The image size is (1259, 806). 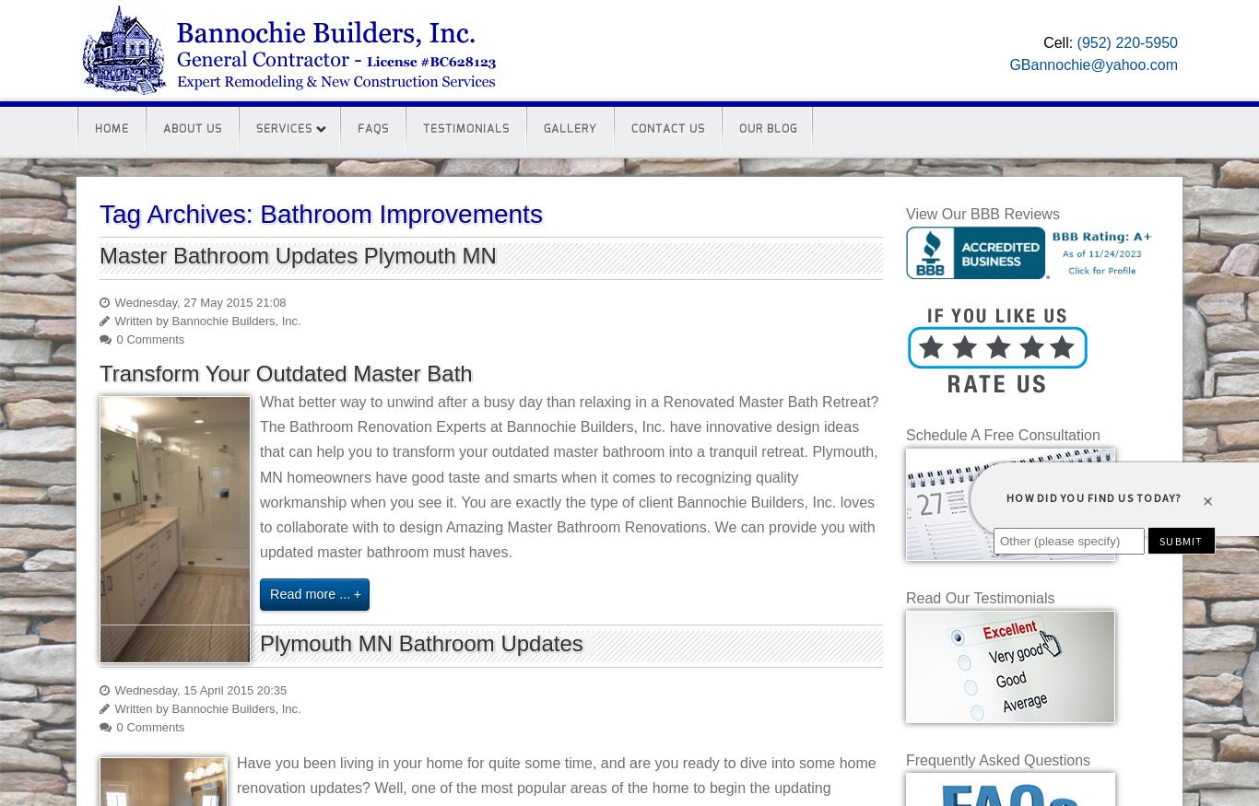 What do you see at coordinates (179, 214) in the screenshot?
I see `'Tag Archives:'` at bounding box center [179, 214].